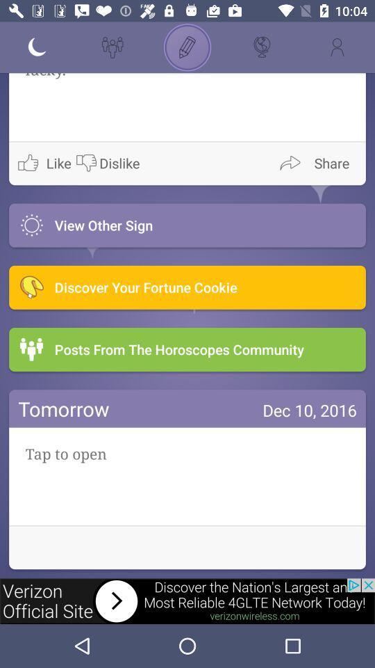  Describe the element at coordinates (187, 601) in the screenshot. I see `open advertisement` at that location.